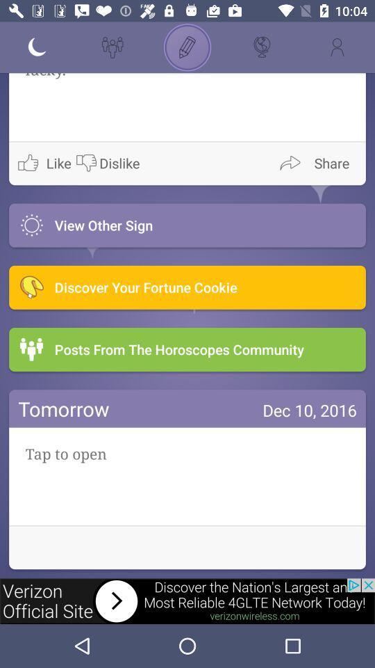  Describe the element at coordinates (187, 601) in the screenshot. I see `open advertisement` at that location.